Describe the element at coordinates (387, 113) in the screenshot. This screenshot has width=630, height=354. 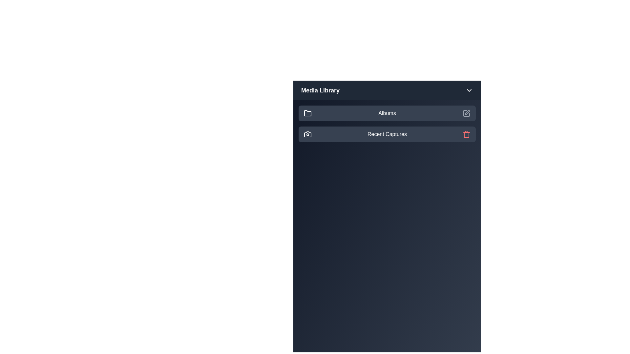
I see `the 'Albums' item in the MediaLibraryMenu component` at that location.